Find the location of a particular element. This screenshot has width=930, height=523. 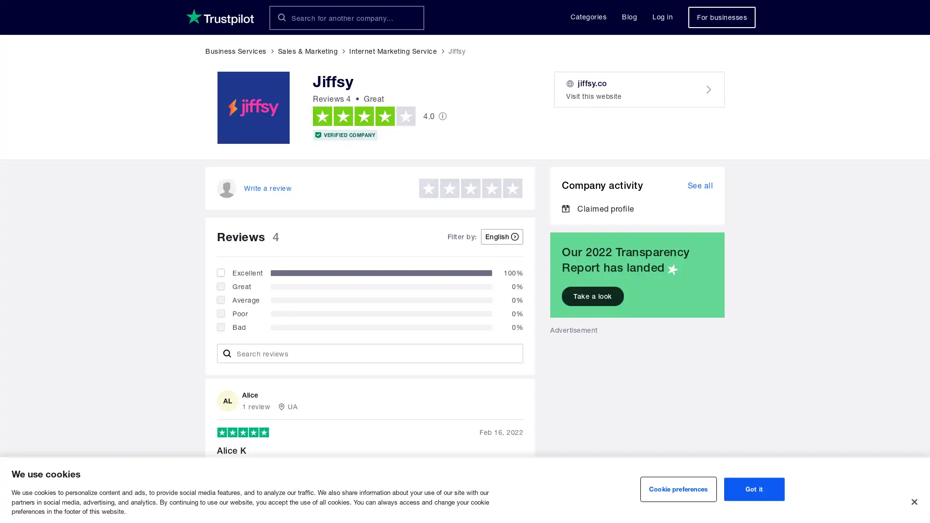

Claimed profile is located at coordinates (597, 208).